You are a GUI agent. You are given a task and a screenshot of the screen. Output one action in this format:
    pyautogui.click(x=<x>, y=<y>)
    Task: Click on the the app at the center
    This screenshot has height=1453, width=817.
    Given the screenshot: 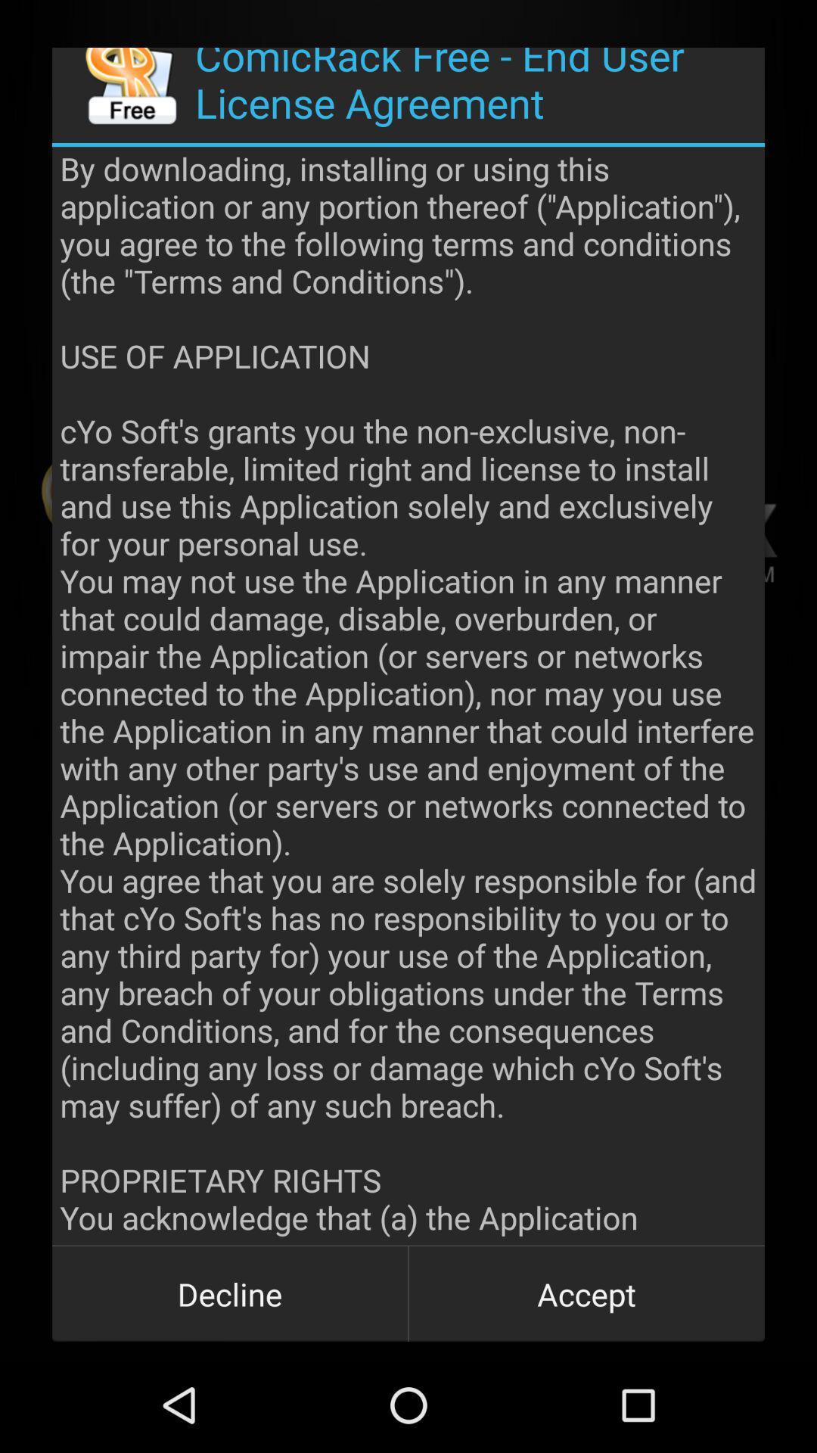 What is the action you would take?
    pyautogui.click(x=408, y=695)
    